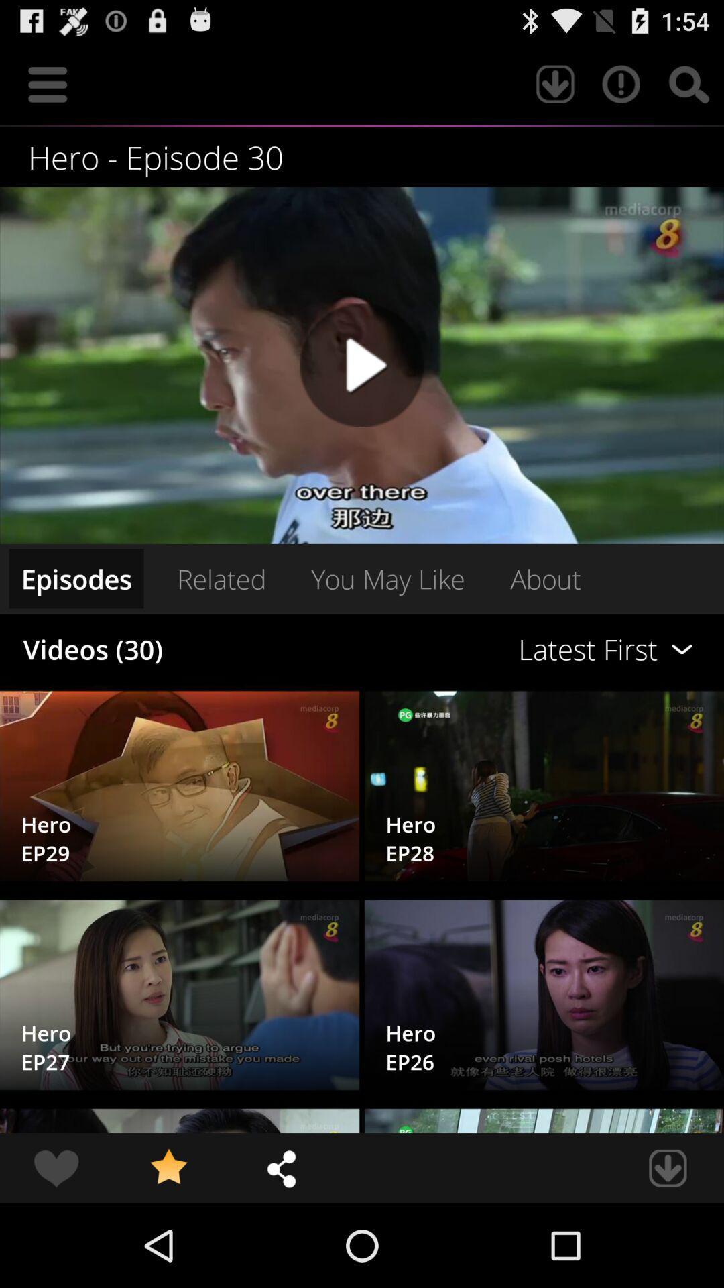  I want to click on icon at the top left corner, so click(47, 83).